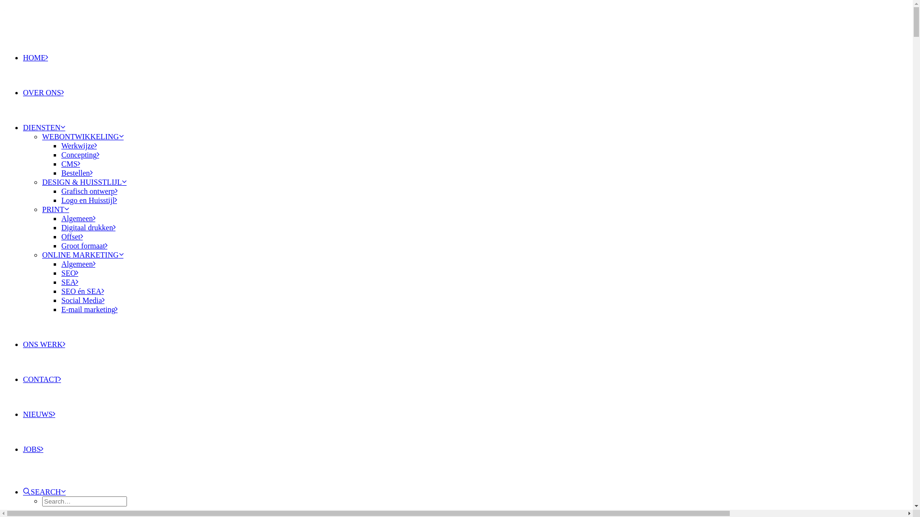 This screenshot has width=920, height=517. What do you see at coordinates (84, 501) in the screenshot?
I see `'Search for:'` at bounding box center [84, 501].